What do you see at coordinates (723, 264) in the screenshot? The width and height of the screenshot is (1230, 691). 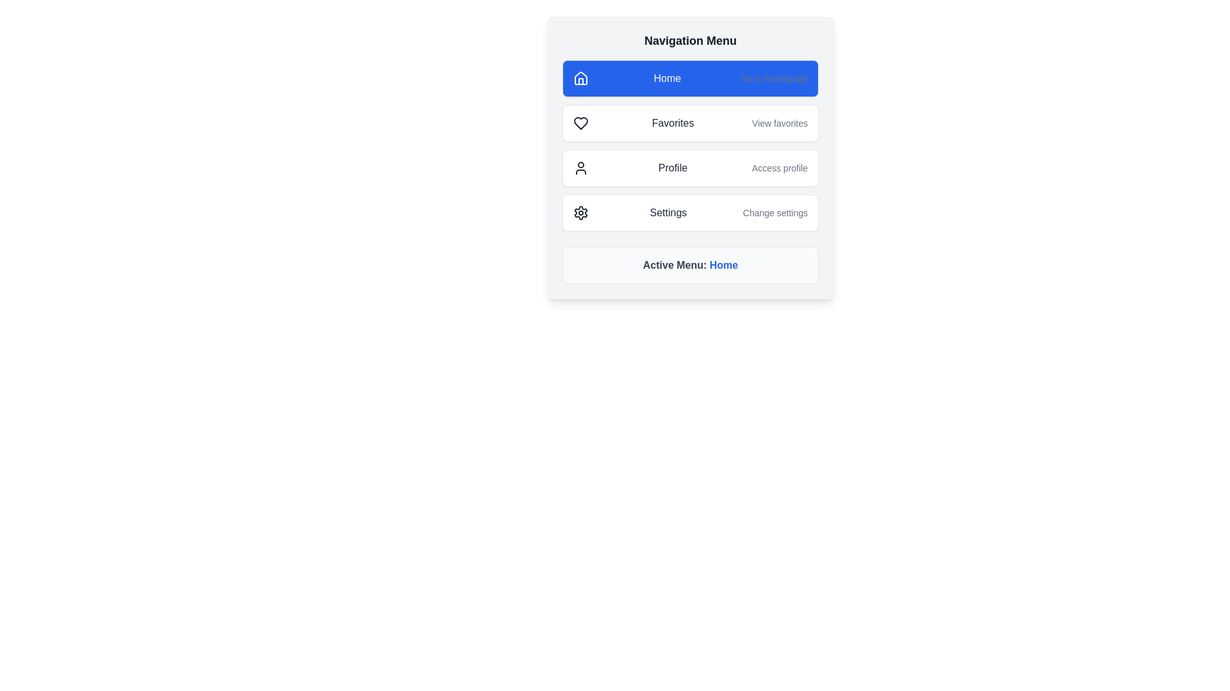 I see `the 'Home' text label which indicates the current active menu item under the heading 'Active Menu:'` at bounding box center [723, 264].